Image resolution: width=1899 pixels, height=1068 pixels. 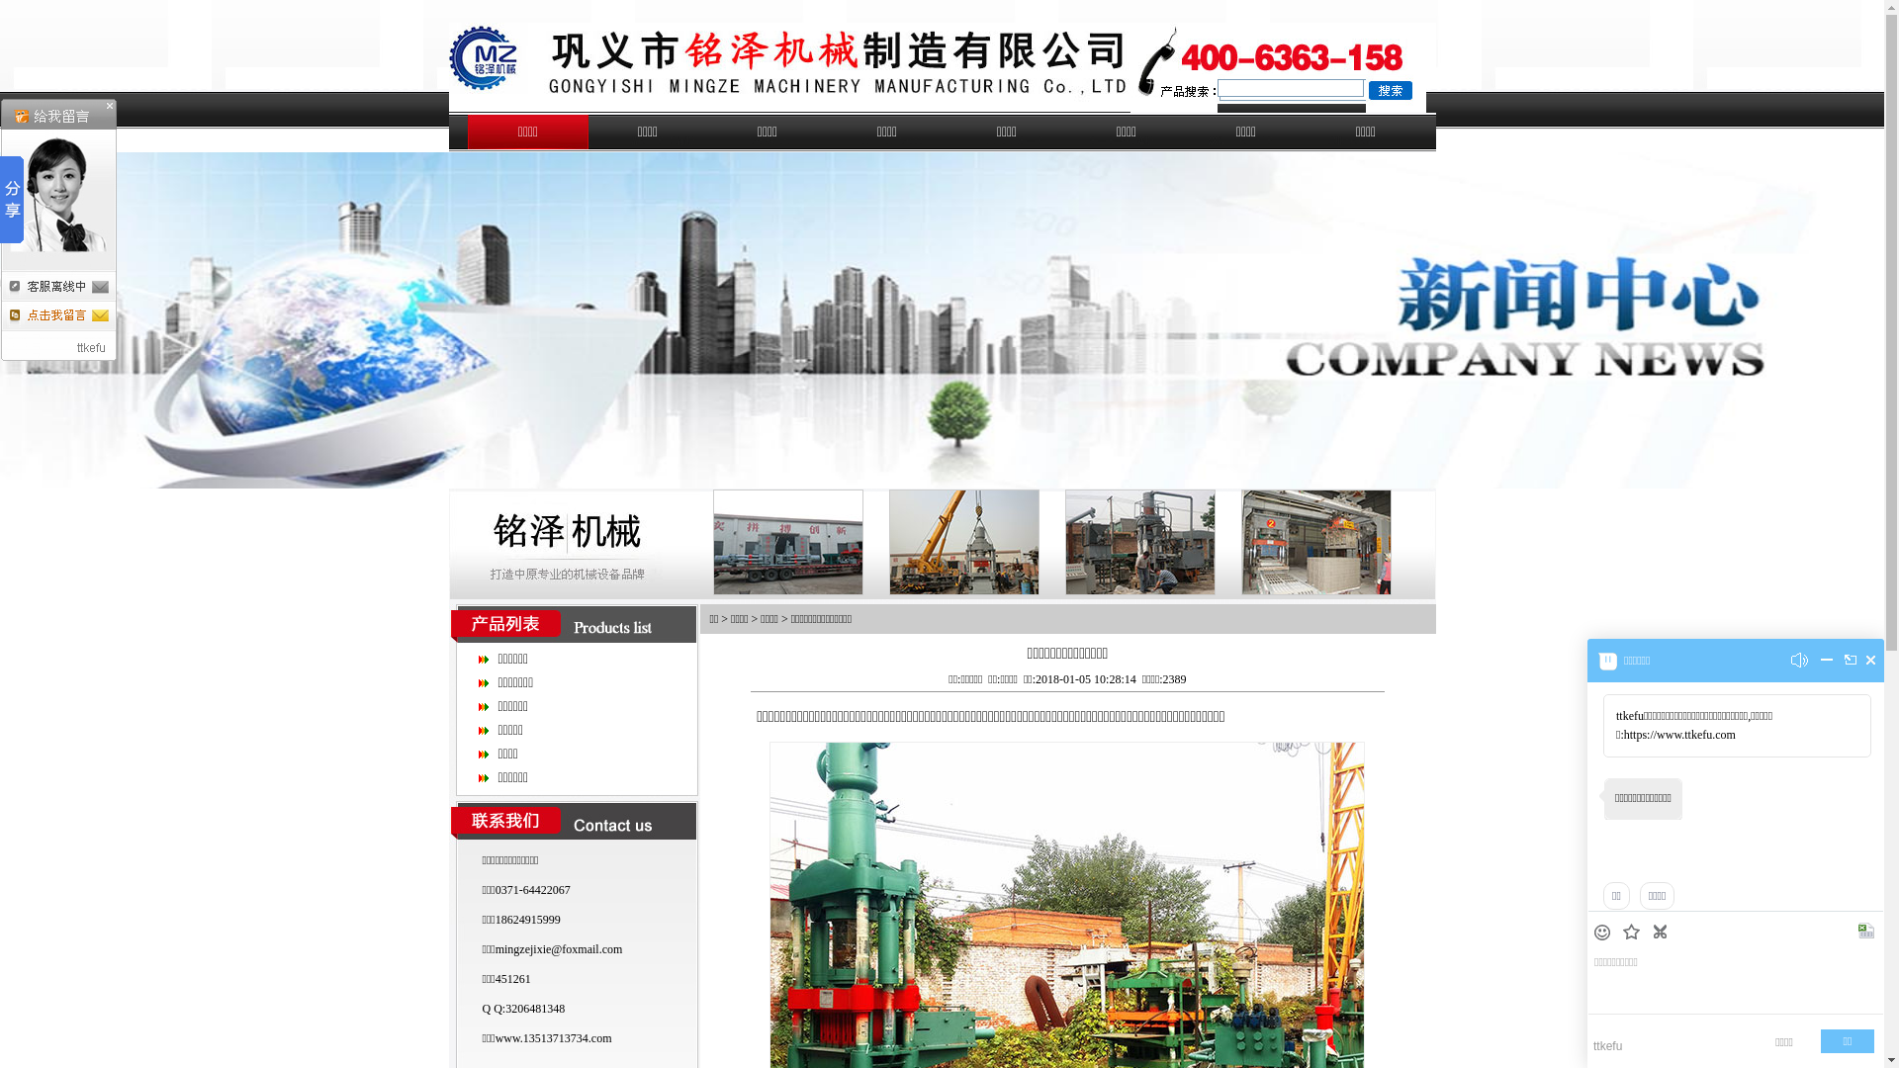 I want to click on 'https://www.ttkefu.com', so click(x=1678, y=735).